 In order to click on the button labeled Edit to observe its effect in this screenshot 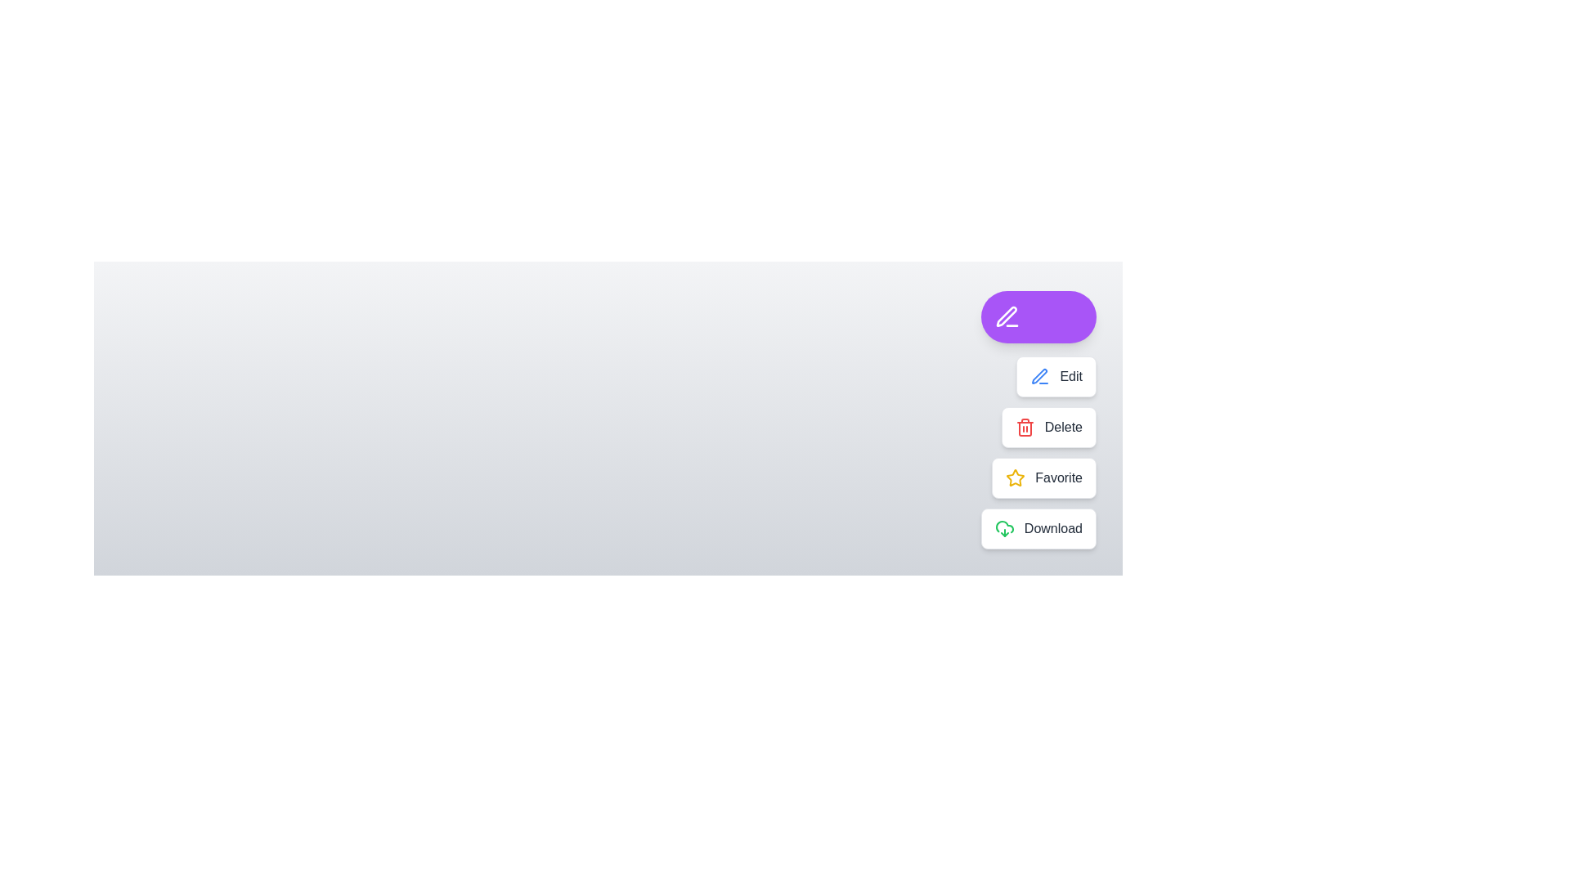, I will do `click(1056, 377)`.